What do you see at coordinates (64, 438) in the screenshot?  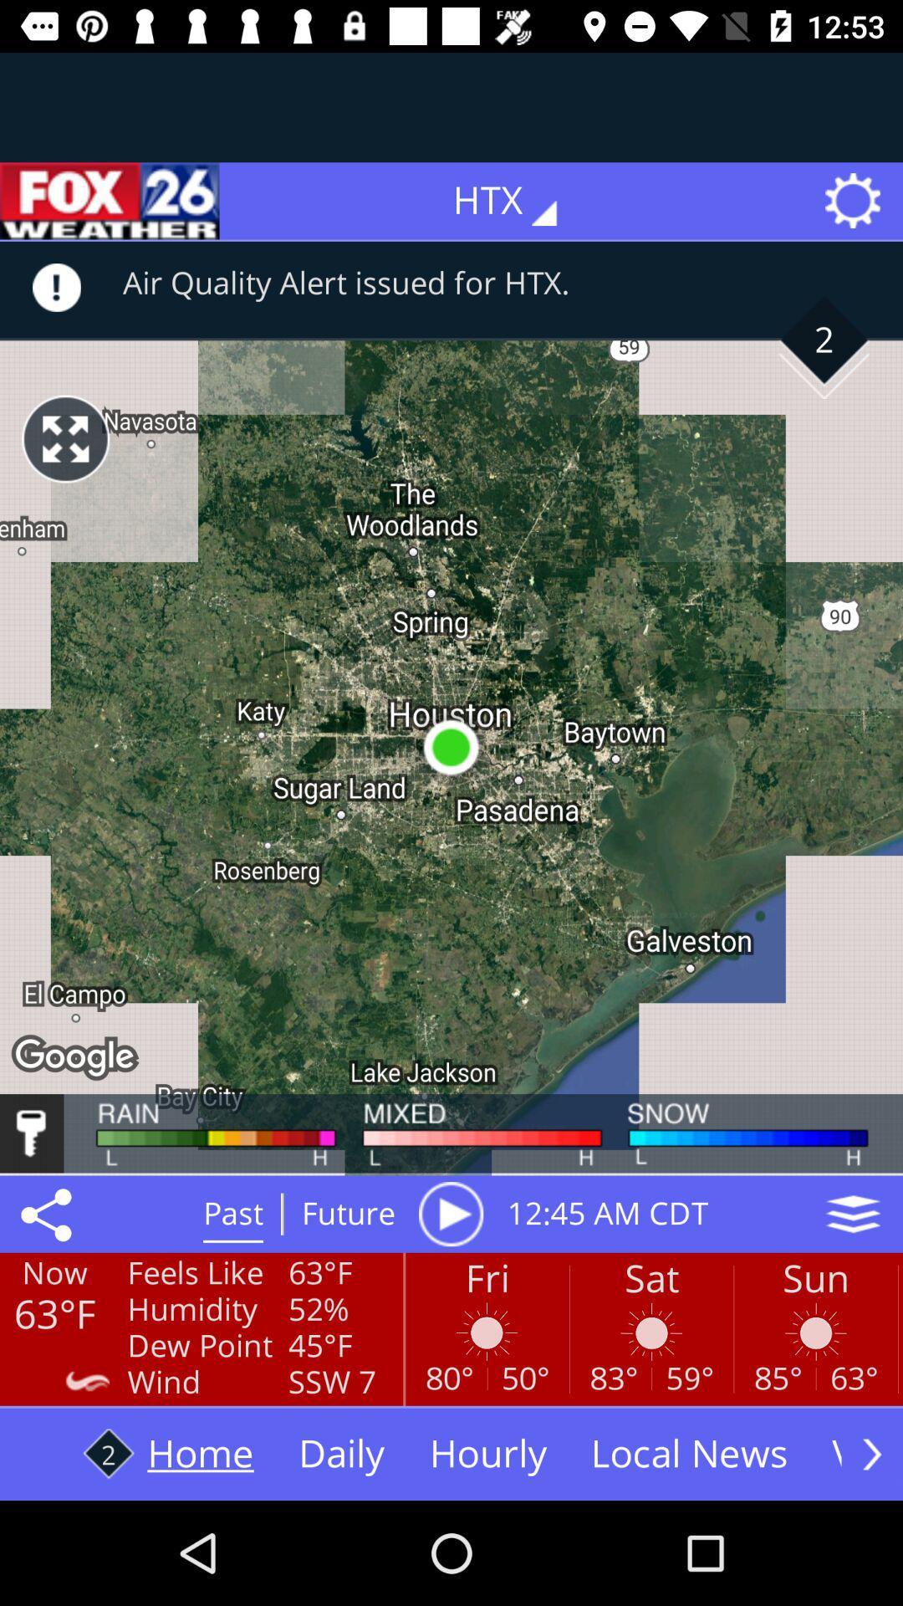 I see `icon next to 2 item` at bounding box center [64, 438].